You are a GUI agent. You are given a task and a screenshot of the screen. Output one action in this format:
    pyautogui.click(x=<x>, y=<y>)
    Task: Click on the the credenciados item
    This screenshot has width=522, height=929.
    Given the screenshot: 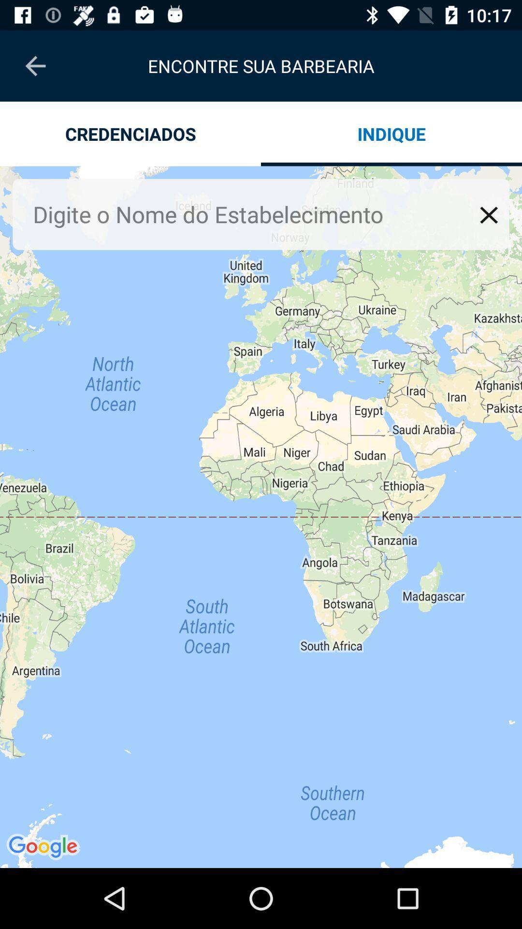 What is the action you would take?
    pyautogui.click(x=130, y=133)
    